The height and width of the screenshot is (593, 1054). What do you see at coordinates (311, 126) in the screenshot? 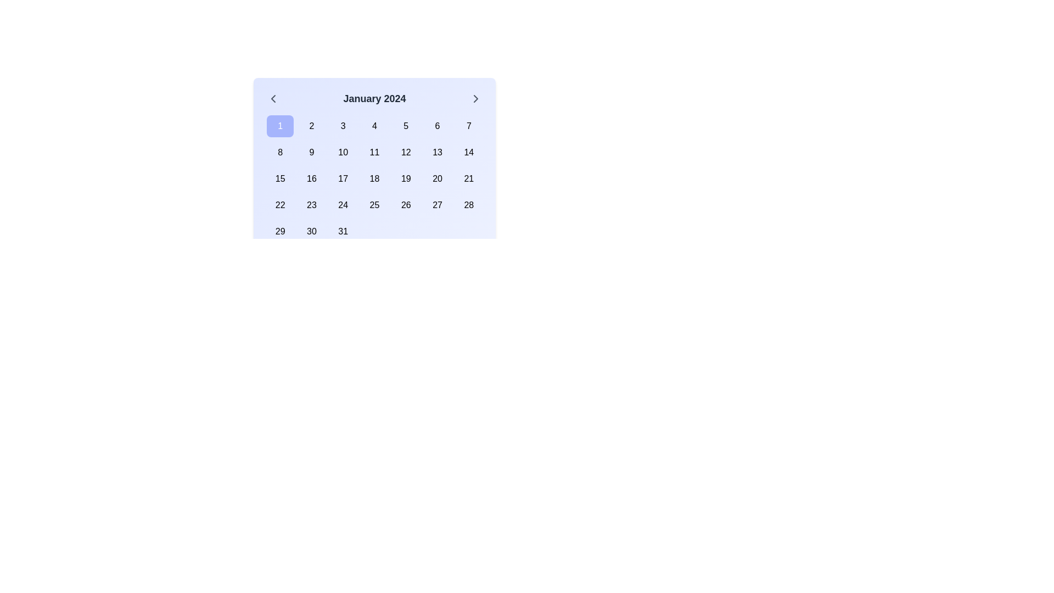
I see `the interactive button representing the second day of the month in the calendar` at bounding box center [311, 126].